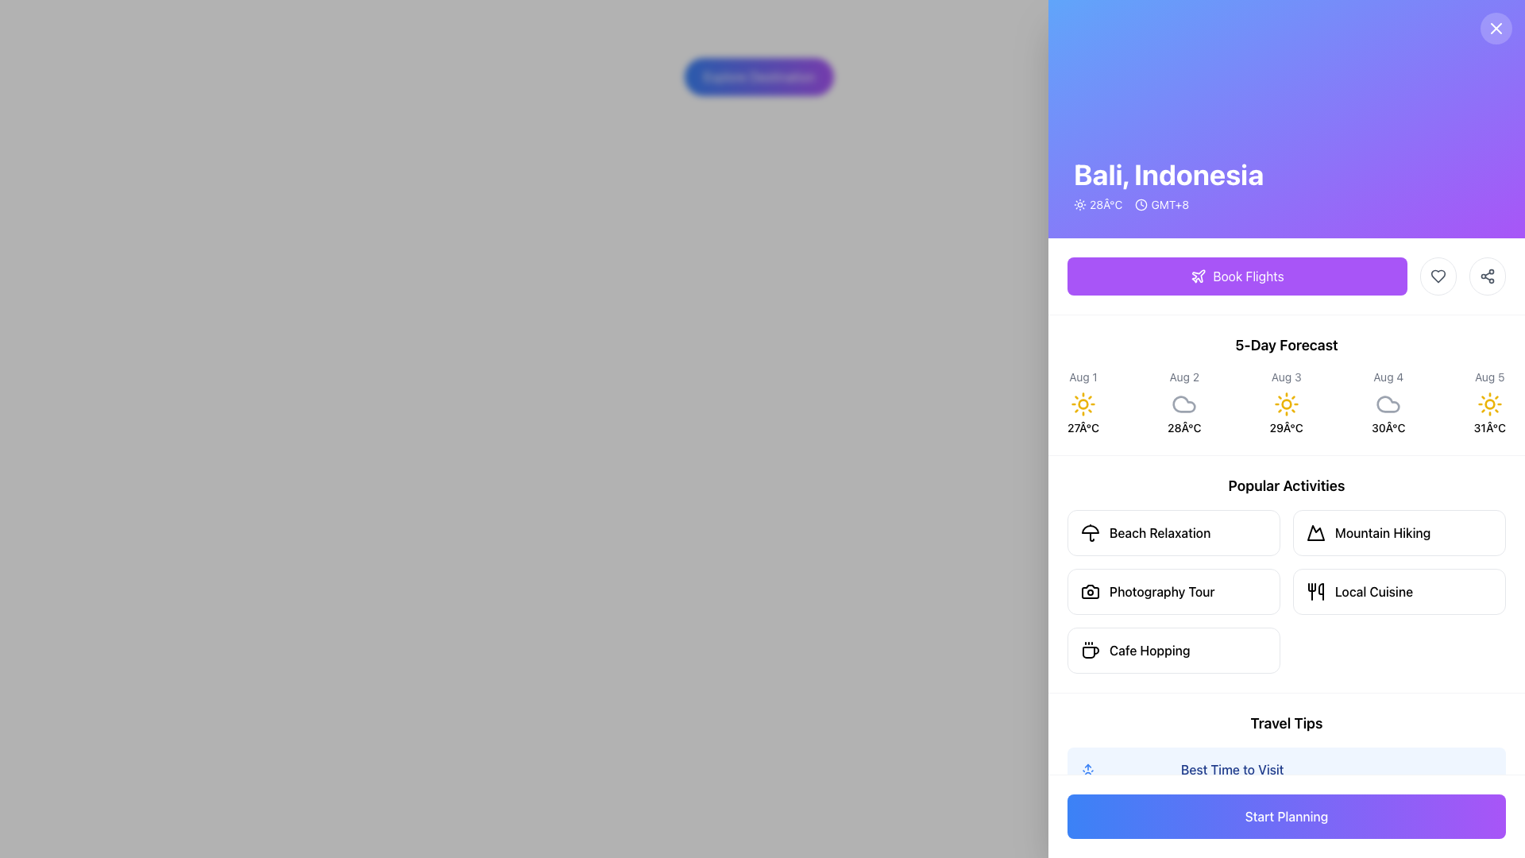 The width and height of the screenshot is (1525, 858). What do you see at coordinates (1315, 533) in the screenshot?
I see `the mountain icon representing the 'Mountain Hiking' option in the 'Popular Activities' section, which is the second option in the list` at bounding box center [1315, 533].